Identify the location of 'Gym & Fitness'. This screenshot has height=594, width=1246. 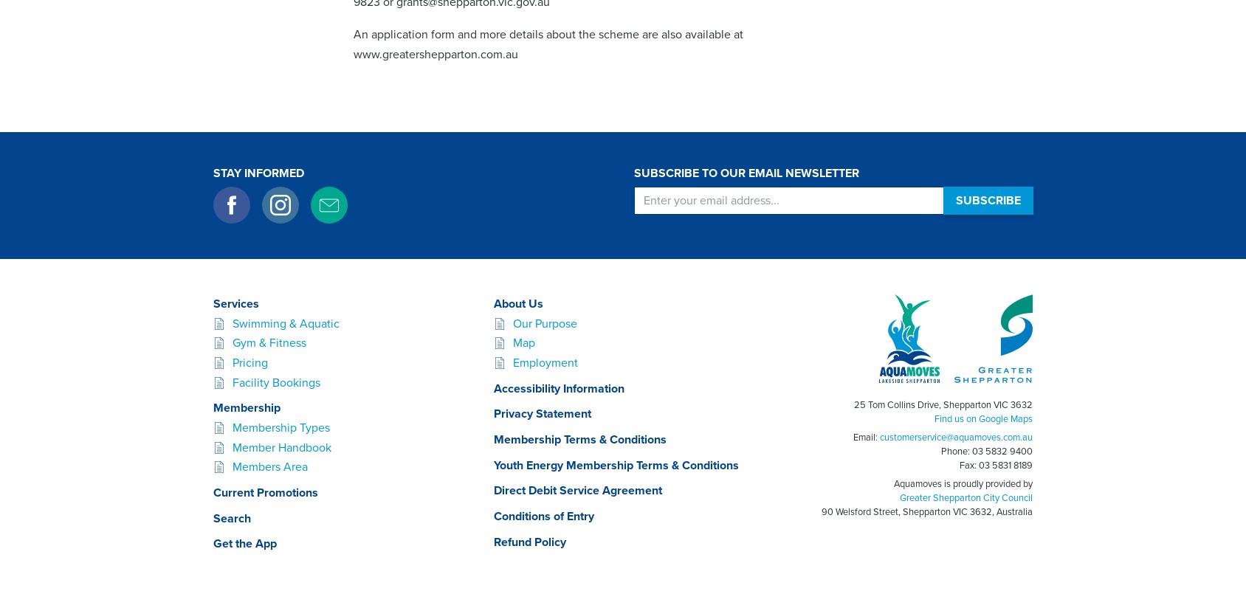
(268, 342).